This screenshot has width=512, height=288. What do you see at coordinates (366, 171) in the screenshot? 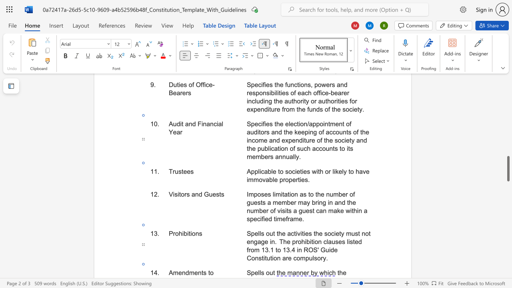
I see `the space between the continuous character "v" and "e" in the text` at bounding box center [366, 171].